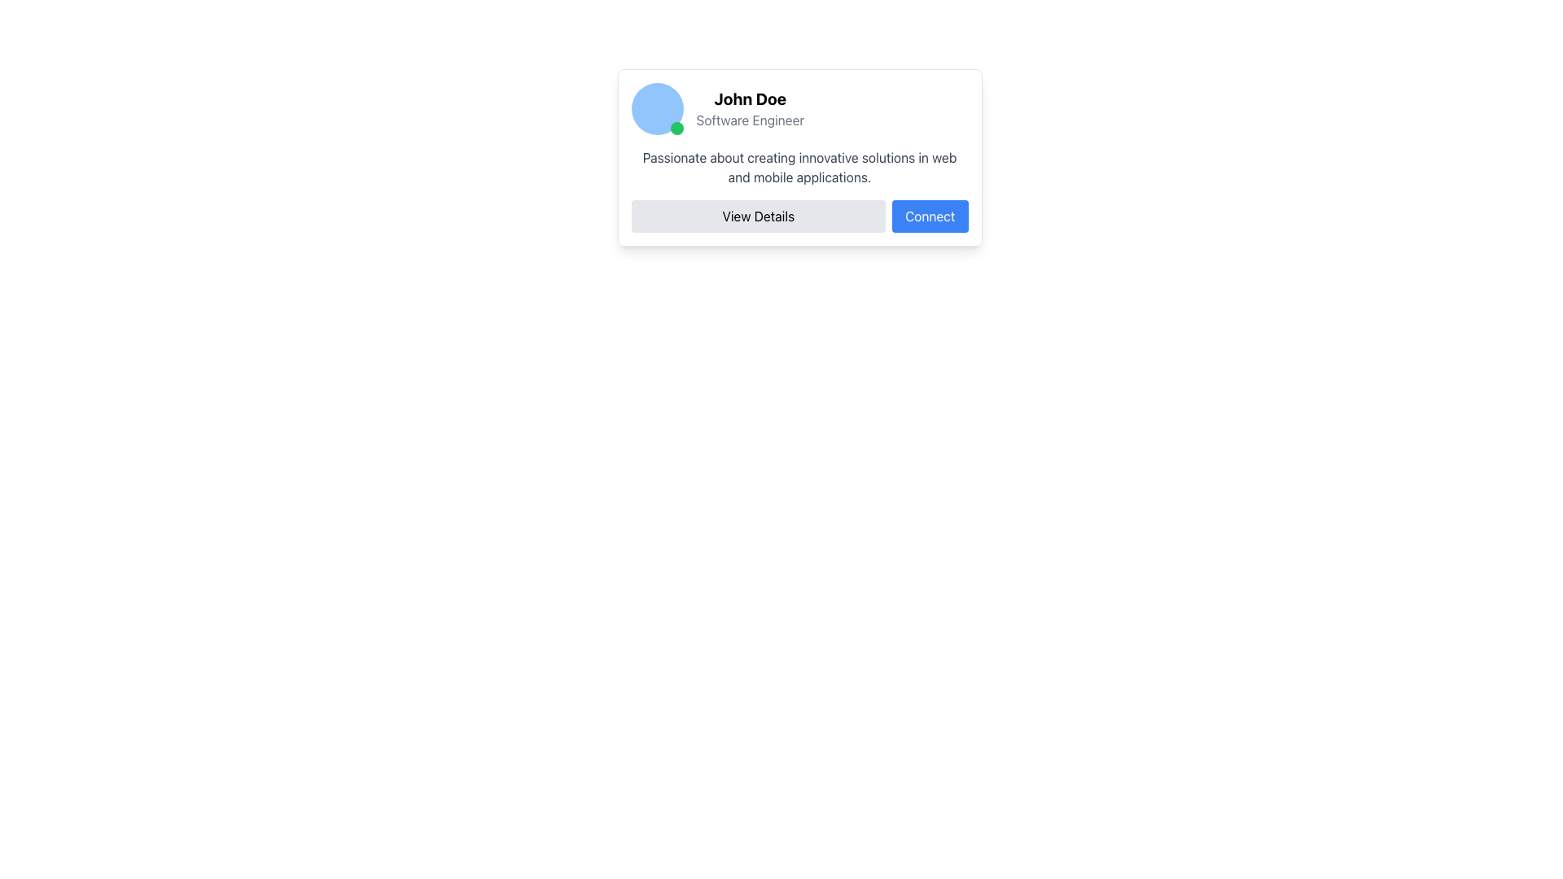  Describe the element at coordinates (749, 99) in the screenshot. I see `the bold text element displaying the name 'John Doe', which is positioned above the text 'Software Engineer' in the card layout` at that location.